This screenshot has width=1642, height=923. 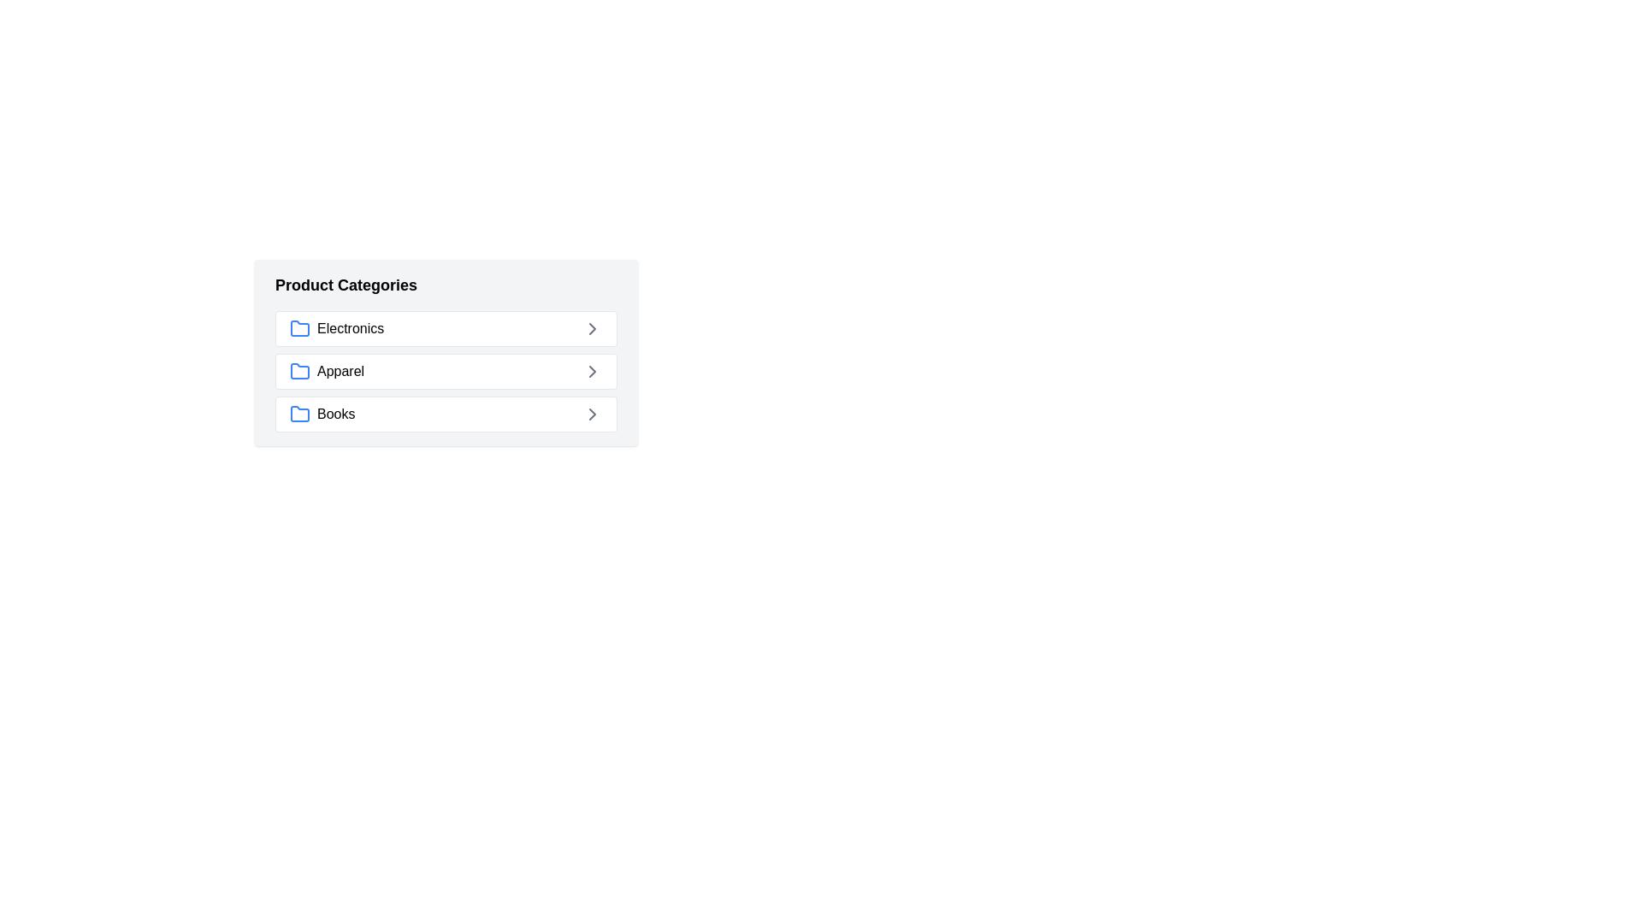 What do you see at coordinates (446, 371) in the screenshot?
I see `the second row of the category list labeled 'Apparel'` at bounding box center [446, 371].